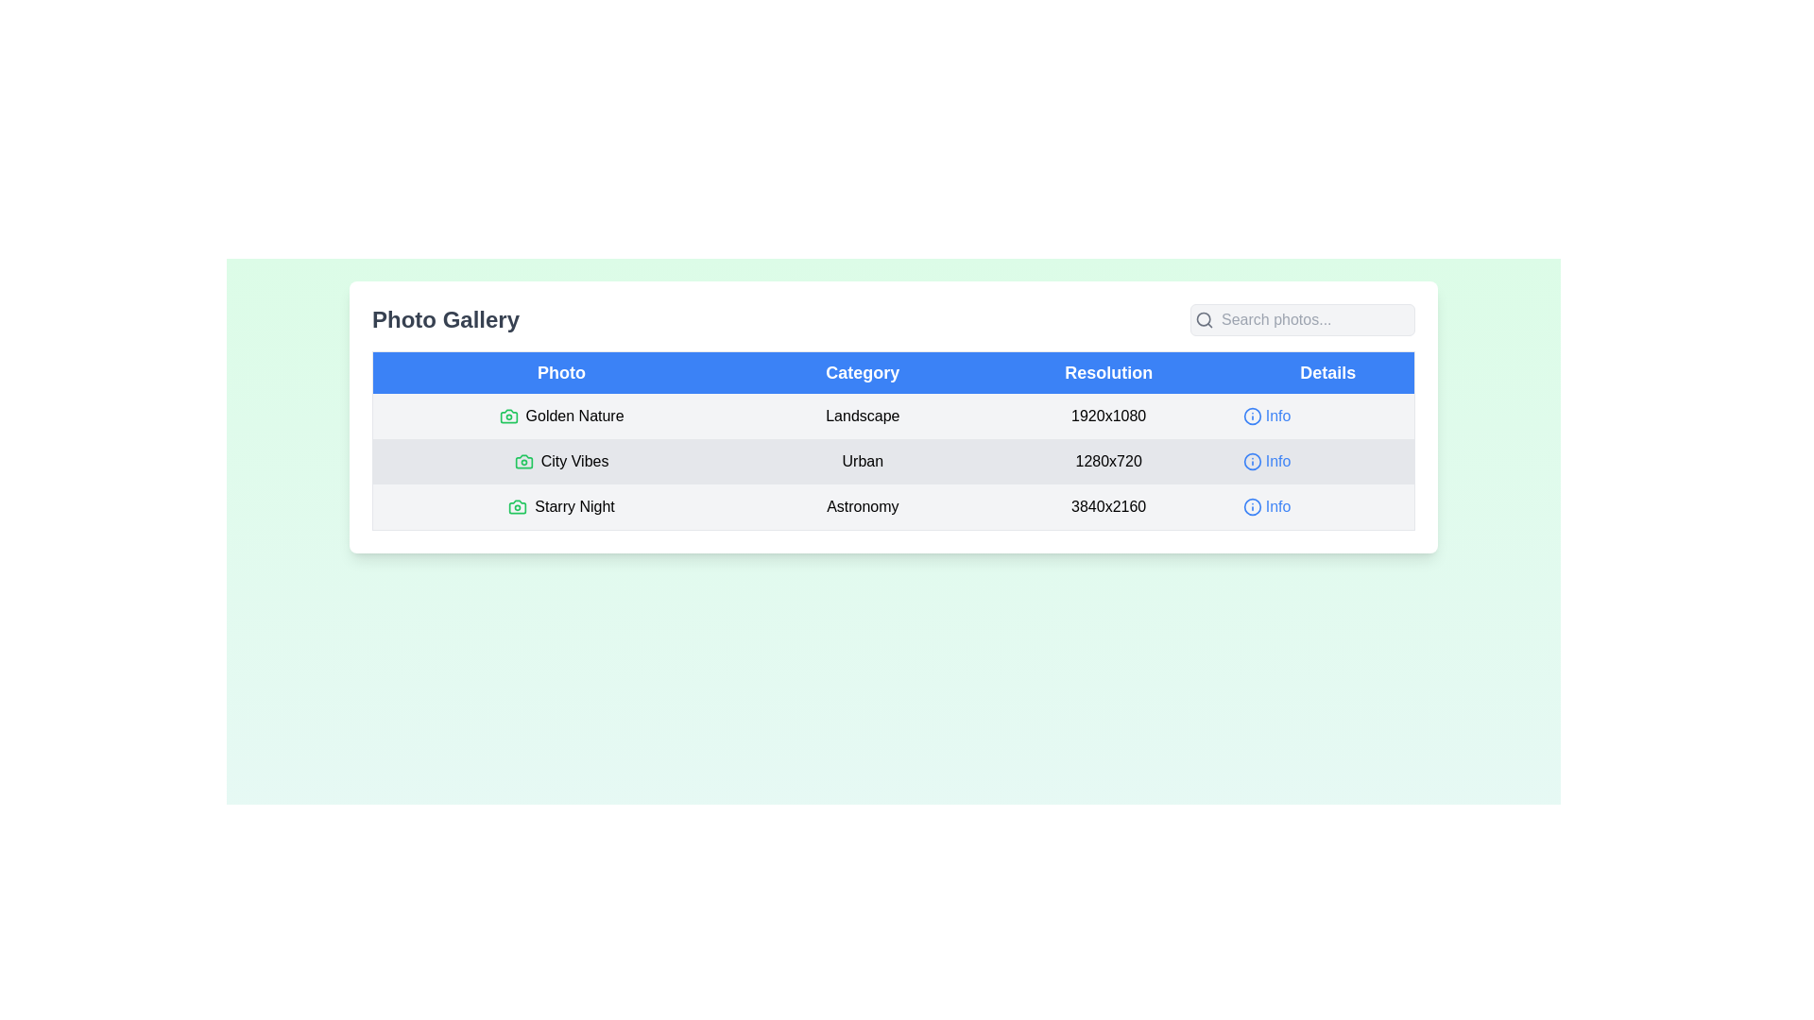 This screenshot has height=1020, width=1814. I want to click on the header row of the table, specifically on the text 'Category' which labels the second column, so click(892, 372).